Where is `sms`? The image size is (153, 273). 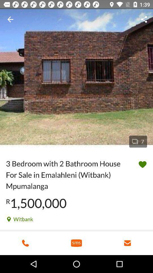 sms is located at coordinates (76, 243).